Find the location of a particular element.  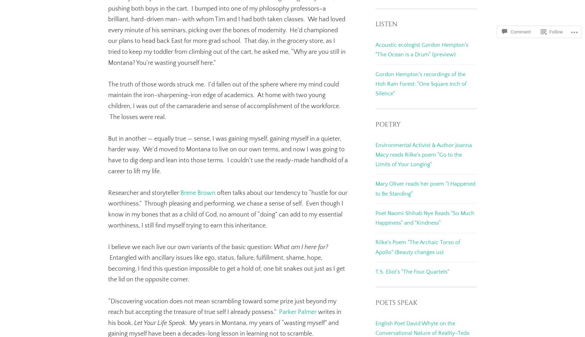

'But in another — equally true — sense, I was gaining myself, gaining myself in a quieter, harder way.  We’d moved to Montana to live on our own terms, and now I was going to have to dig deep and lean into those terms.  I couldn’t use the ready-made handhold of a career to lift my life.' is located at coordinates (228, 155).